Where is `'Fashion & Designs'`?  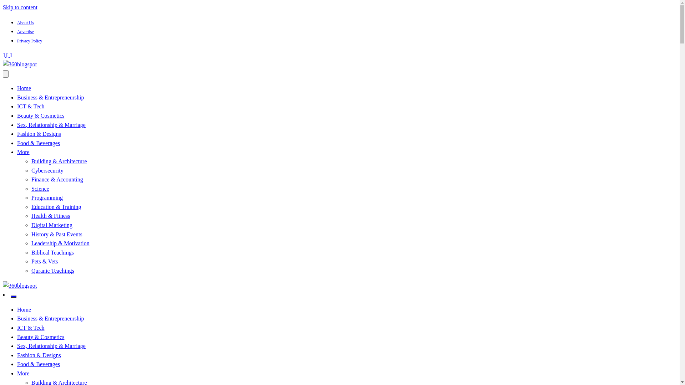
'Fashion & Designs' is located at coordinates (39, 355).